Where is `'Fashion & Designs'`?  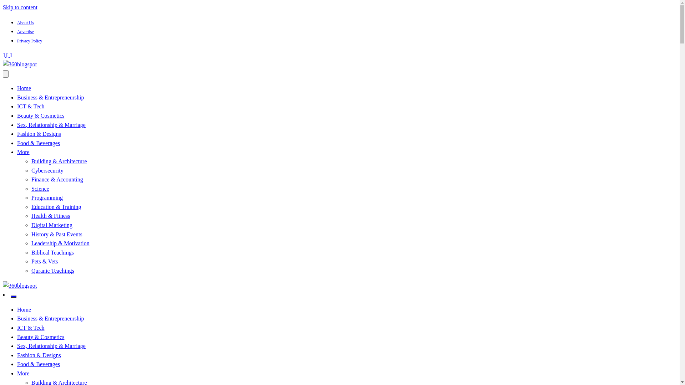
'Fashion & Designs' is located at coordinates (39, 355).